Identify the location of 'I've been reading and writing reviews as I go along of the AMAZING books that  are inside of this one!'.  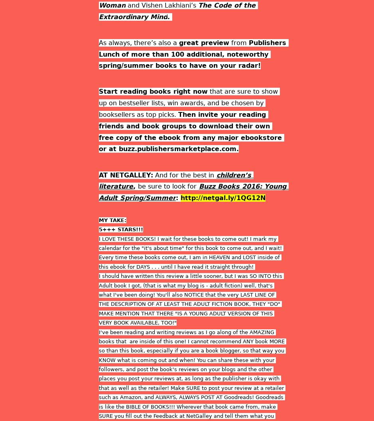
(187, 336).